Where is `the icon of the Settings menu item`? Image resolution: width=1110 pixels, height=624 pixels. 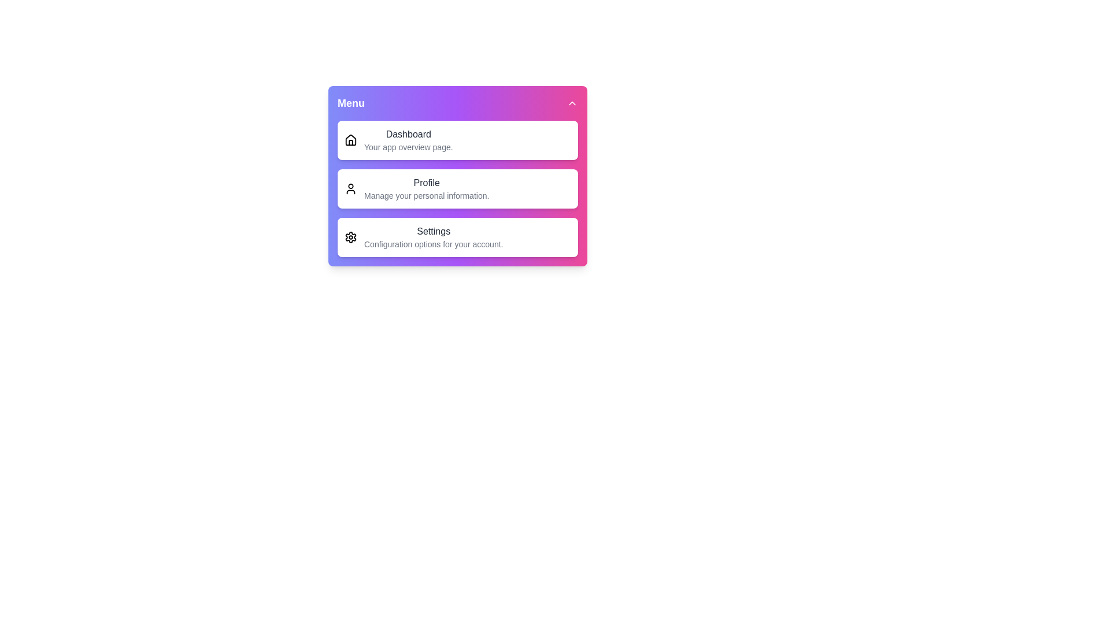
the icon of the Settings menu item is located at coordinates (350, 237).